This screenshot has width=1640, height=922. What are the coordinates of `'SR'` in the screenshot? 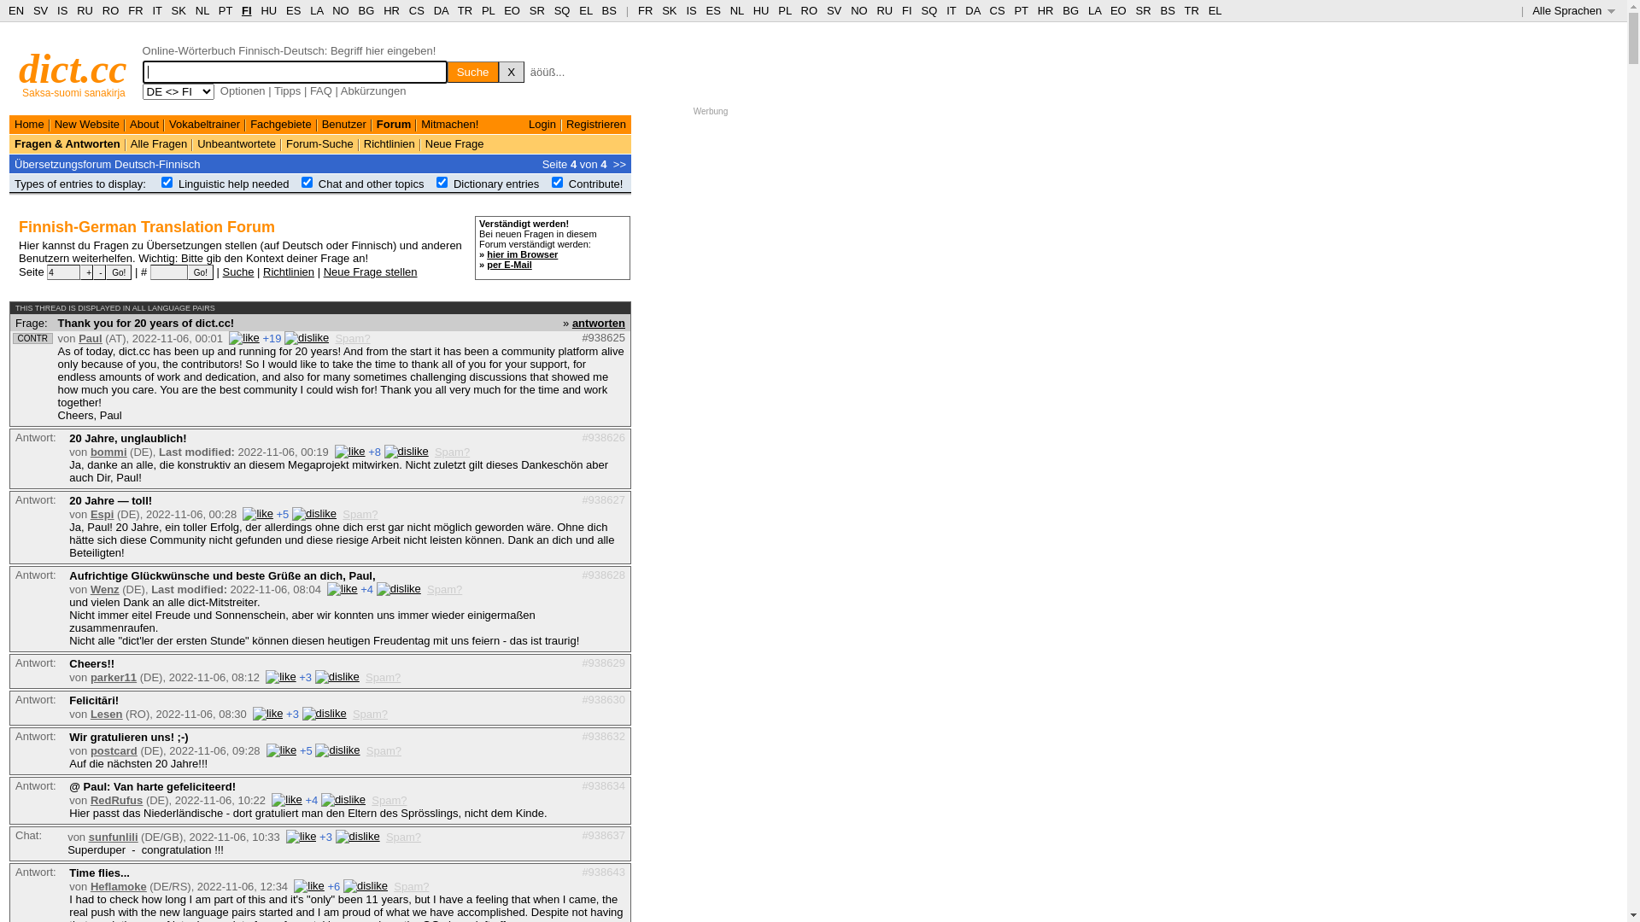 It's located at (536, 10).